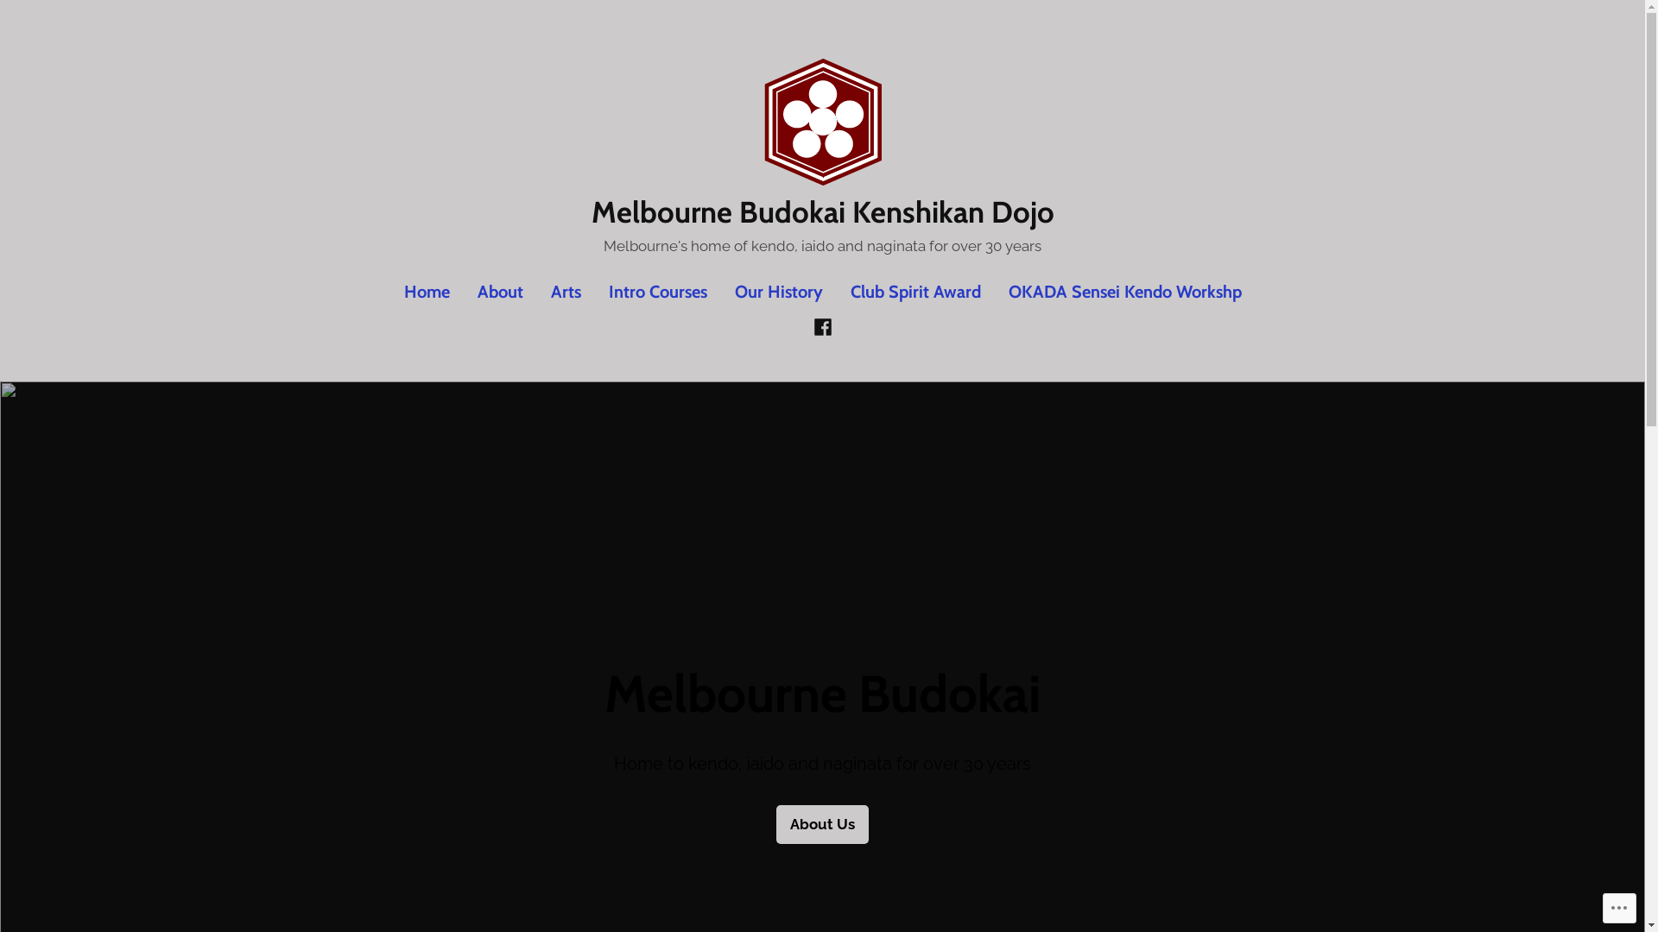 The width and height of the screenshot is (1658, 932). I want to click on 'Our History', so click(777, 290).